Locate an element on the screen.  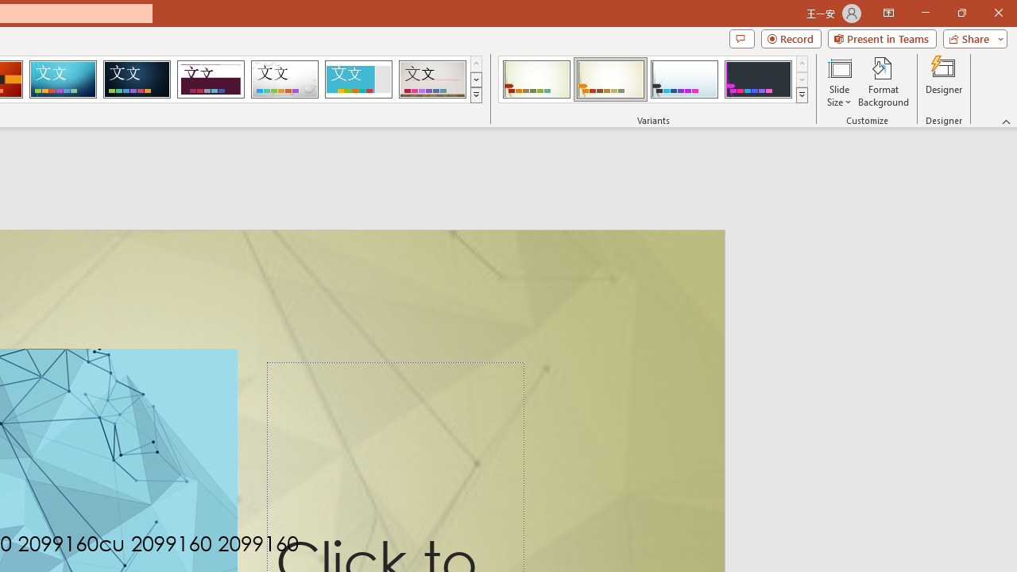
'Damask Loading Preview...' is located at coordinates (137, 79).